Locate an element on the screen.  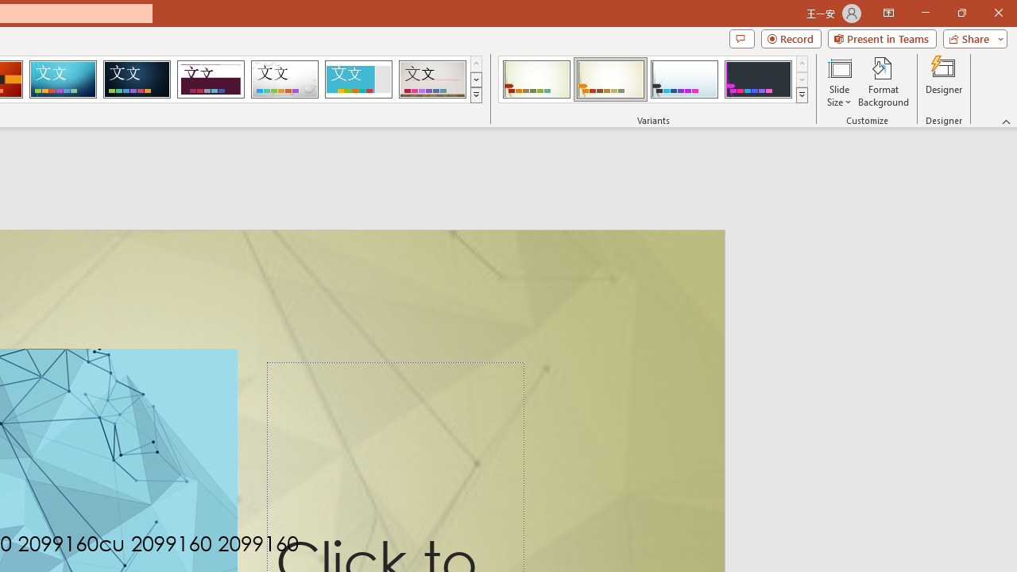
'Damask Loading Preview...' is located at coordinates (137, 79).